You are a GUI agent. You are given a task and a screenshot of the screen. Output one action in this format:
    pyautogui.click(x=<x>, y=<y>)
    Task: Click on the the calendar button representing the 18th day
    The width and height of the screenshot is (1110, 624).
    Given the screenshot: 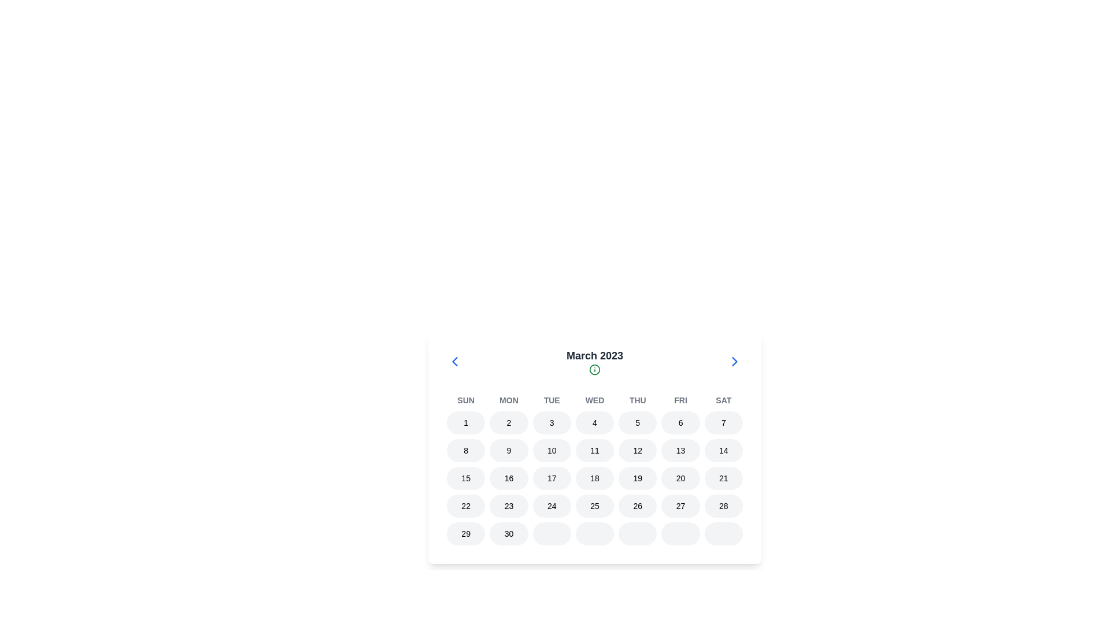 What is the action you would take?
    pyautogui.click(x=594, y=478)
    